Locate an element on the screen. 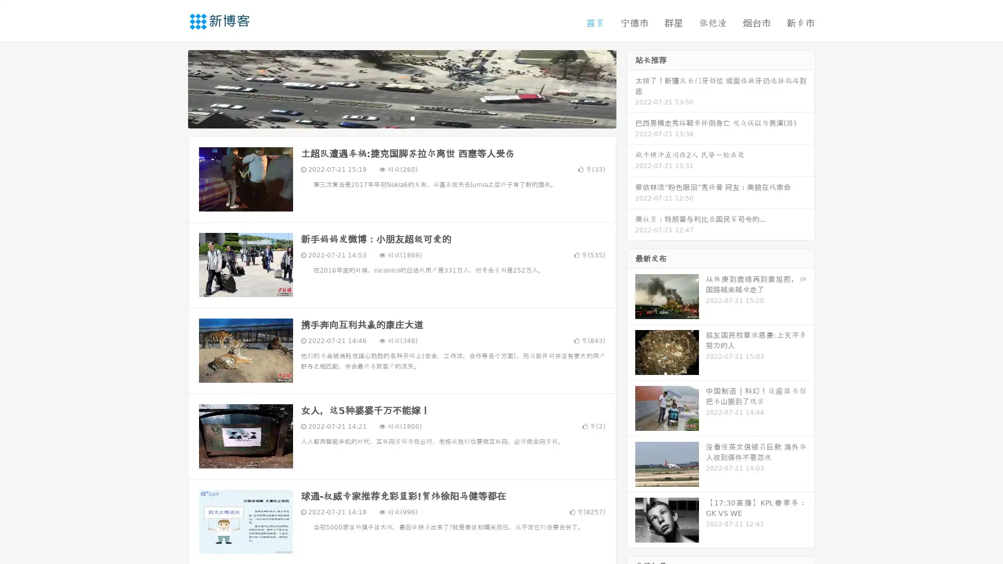 This screenshot has height=564, width=1003. Go to slide 3 is located at coordinates (412, 118).